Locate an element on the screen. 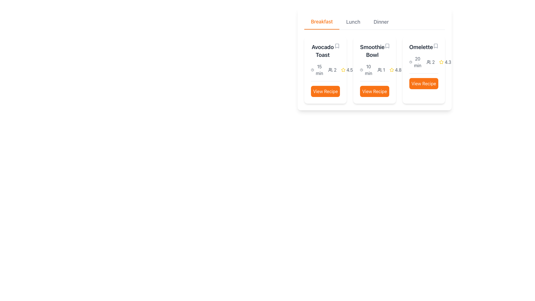  the outer circle of the clock icon representing time for the 'Omelette' recipe in the breakfast section is located at coordinates (410, 62).